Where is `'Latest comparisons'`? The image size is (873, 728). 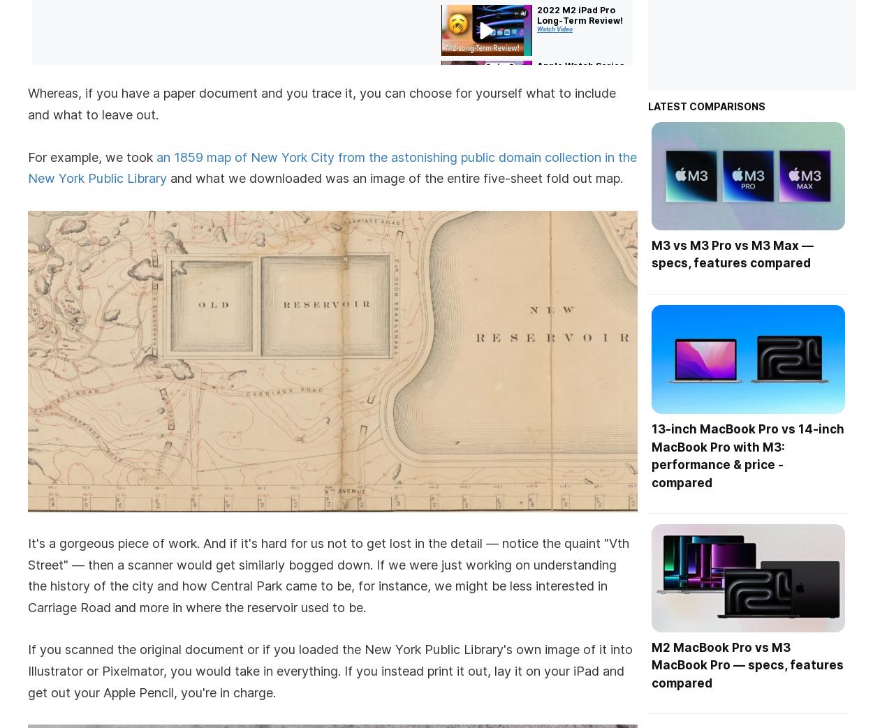
'Latest comparisons' is located at coordinates (706, 105).